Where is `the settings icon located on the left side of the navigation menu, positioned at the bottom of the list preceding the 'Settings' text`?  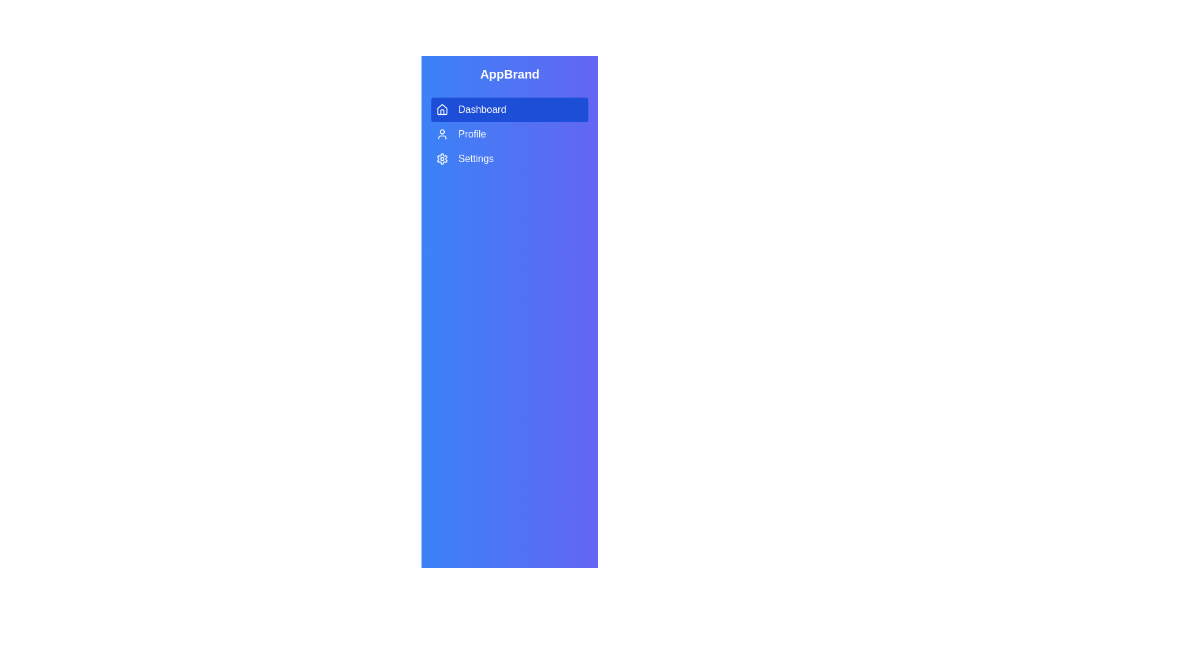 the settings icon located on the left side of the navigation menu, positioned at the bottom of the list preceding the 'Settings' text is located at coordinates (442, 158).